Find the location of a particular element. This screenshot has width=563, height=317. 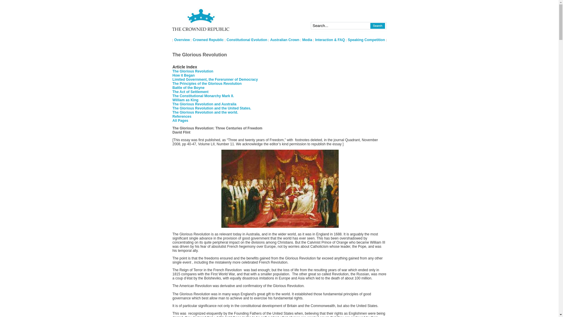

'William as King' is located at coordinates (185, 100).